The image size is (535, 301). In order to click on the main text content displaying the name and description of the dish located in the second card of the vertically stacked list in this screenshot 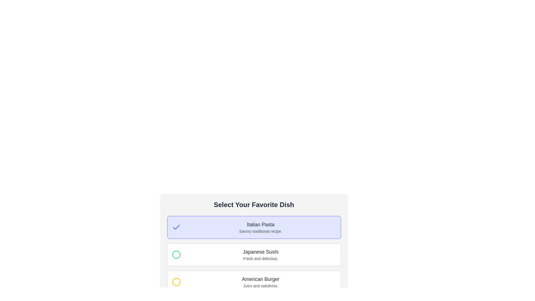, I will do `click(260, 255)`.